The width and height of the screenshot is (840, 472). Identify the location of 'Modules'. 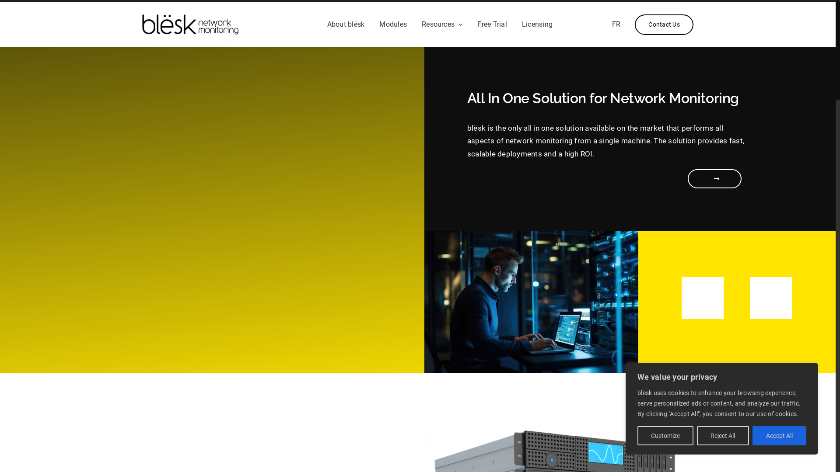
(392, 24).